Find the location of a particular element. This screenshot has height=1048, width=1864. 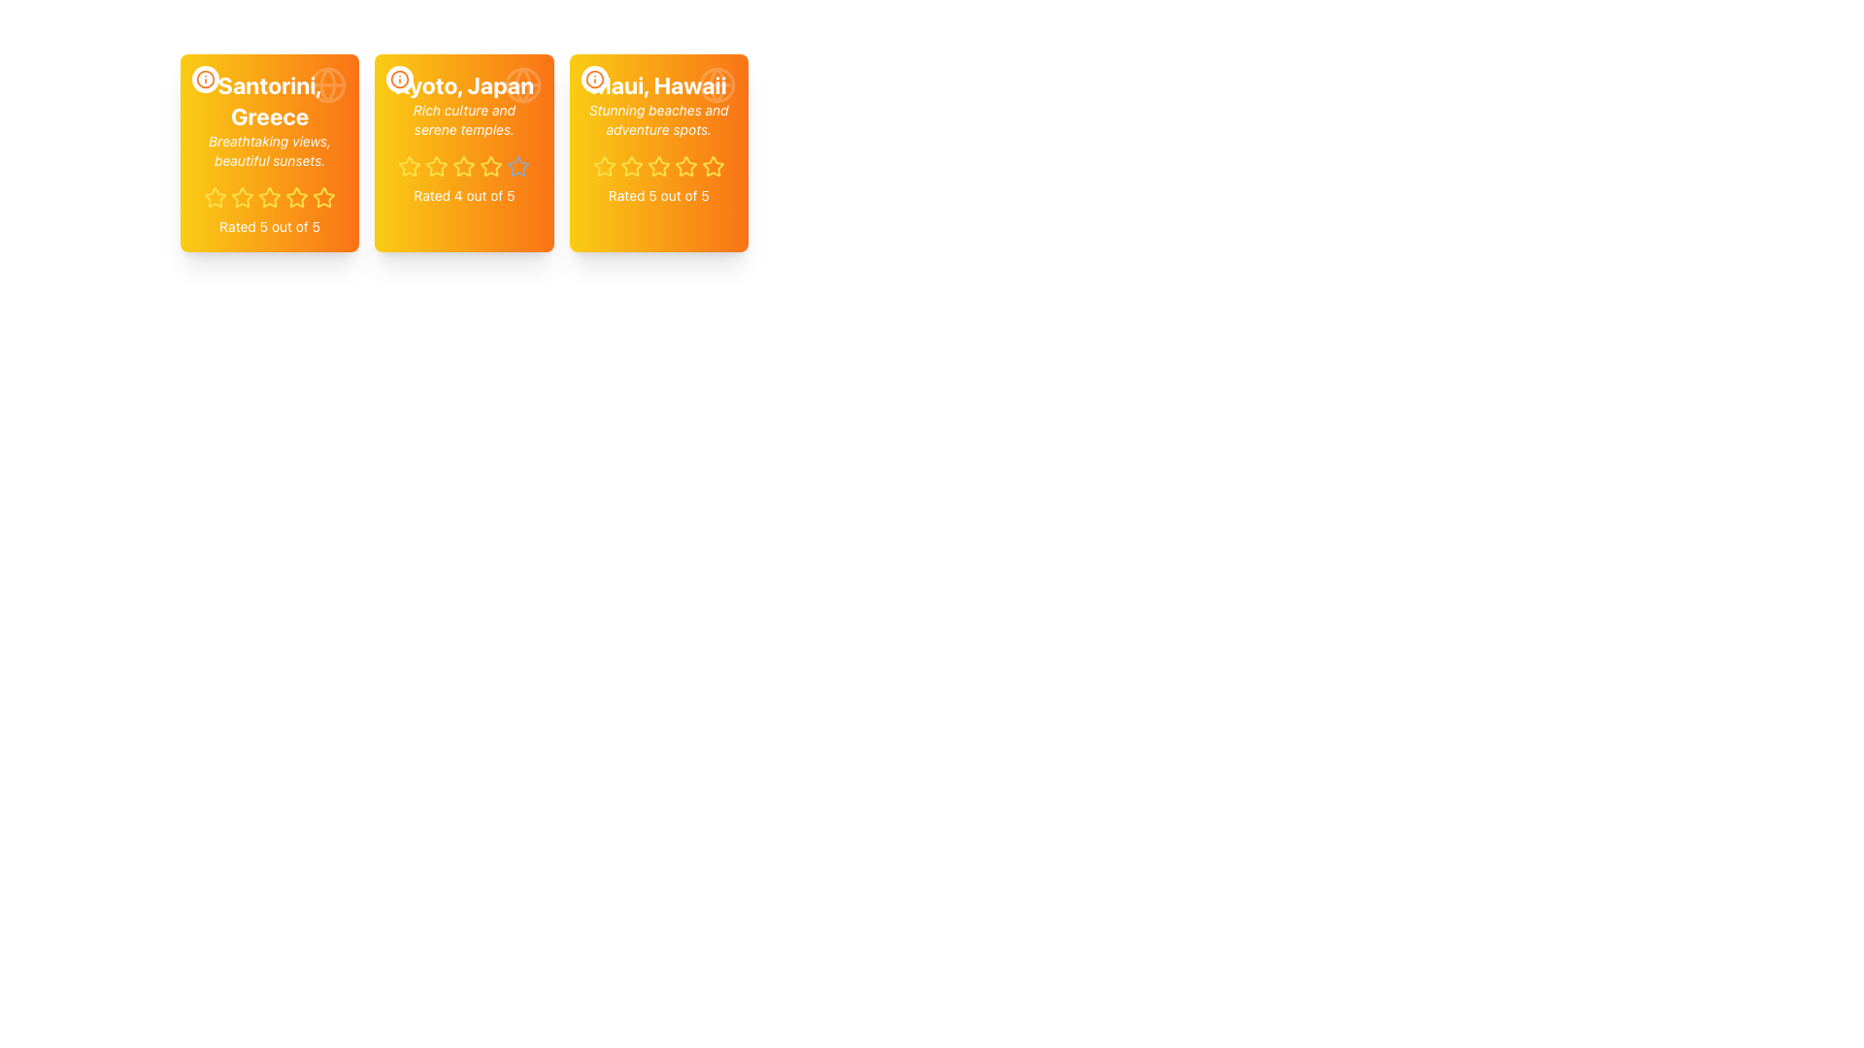

the first star icon in the rating row below the 'Santorini, Greece' card to rate 1 out of 5 is located at coordinates (216, 198).